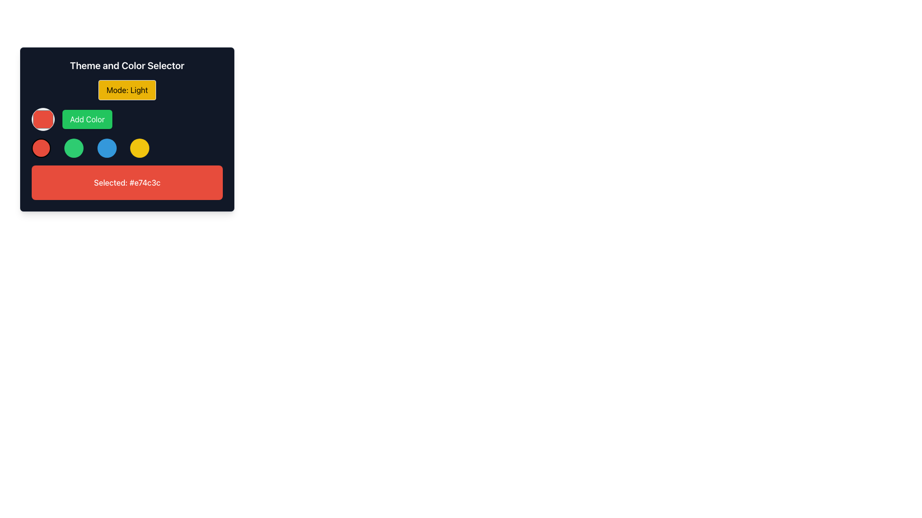  Describe the element at coordinates (139, 148) in the screenshot. I see `the fourth interactive color circle with a yellow background` at that location.